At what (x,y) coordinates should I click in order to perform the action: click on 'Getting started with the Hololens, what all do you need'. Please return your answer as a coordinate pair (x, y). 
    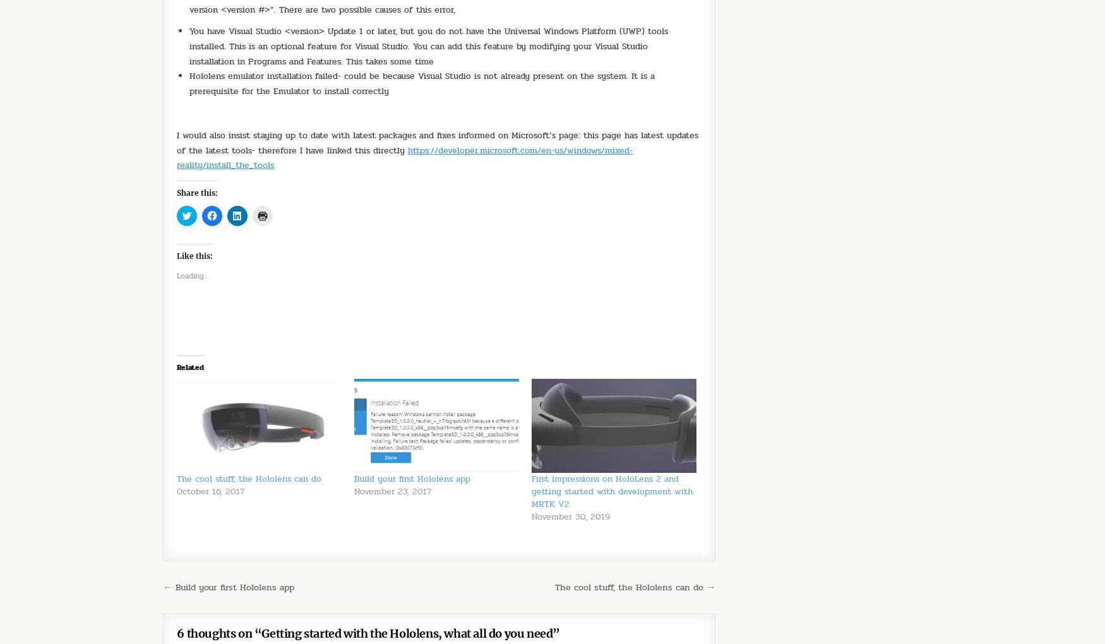
    Looking at the image, I should click on (406, 597).